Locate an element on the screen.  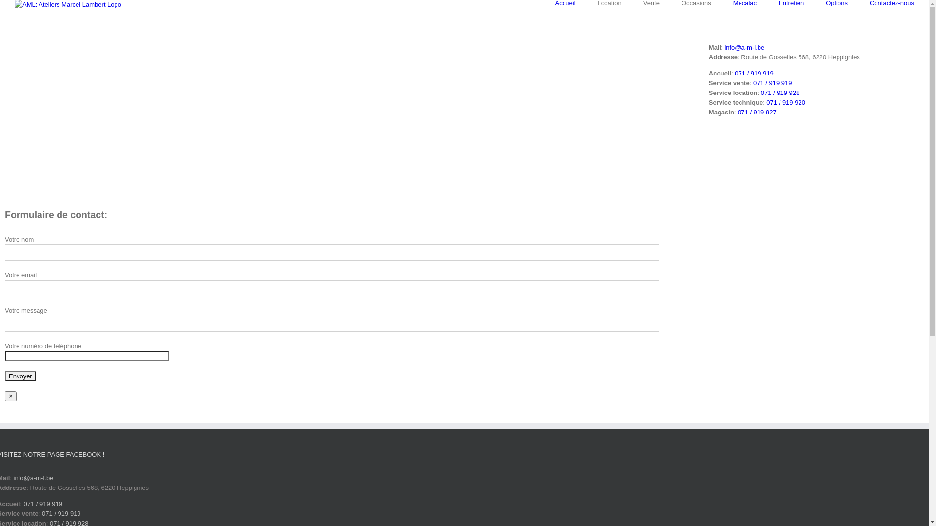
'Vente' is located at coordinates (651, 3).